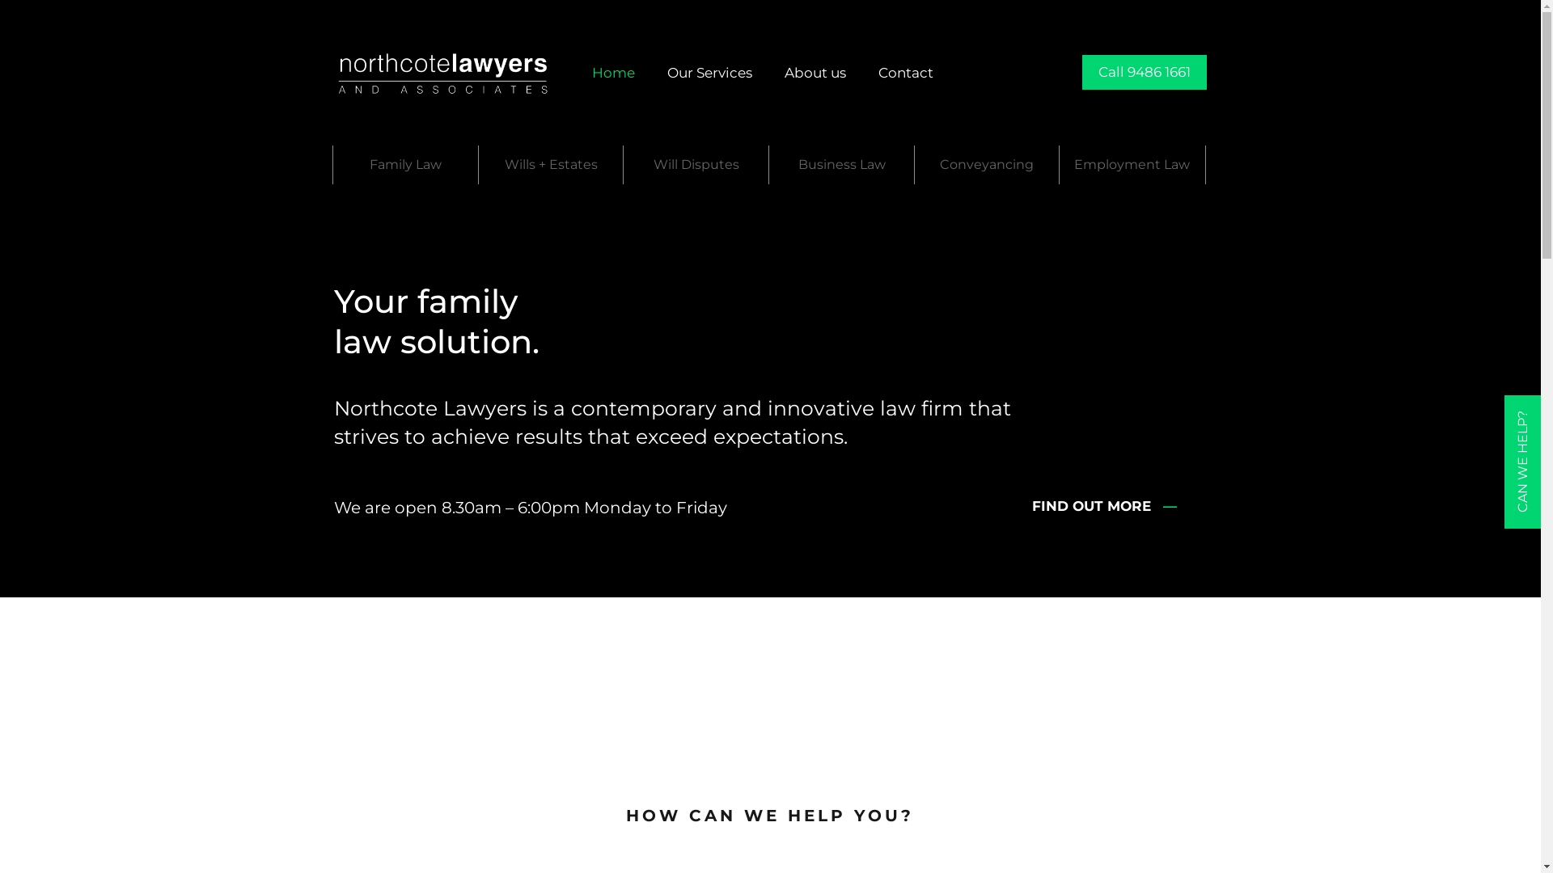  I want to click on 'Call 9486 1661', so click(1144, 71).